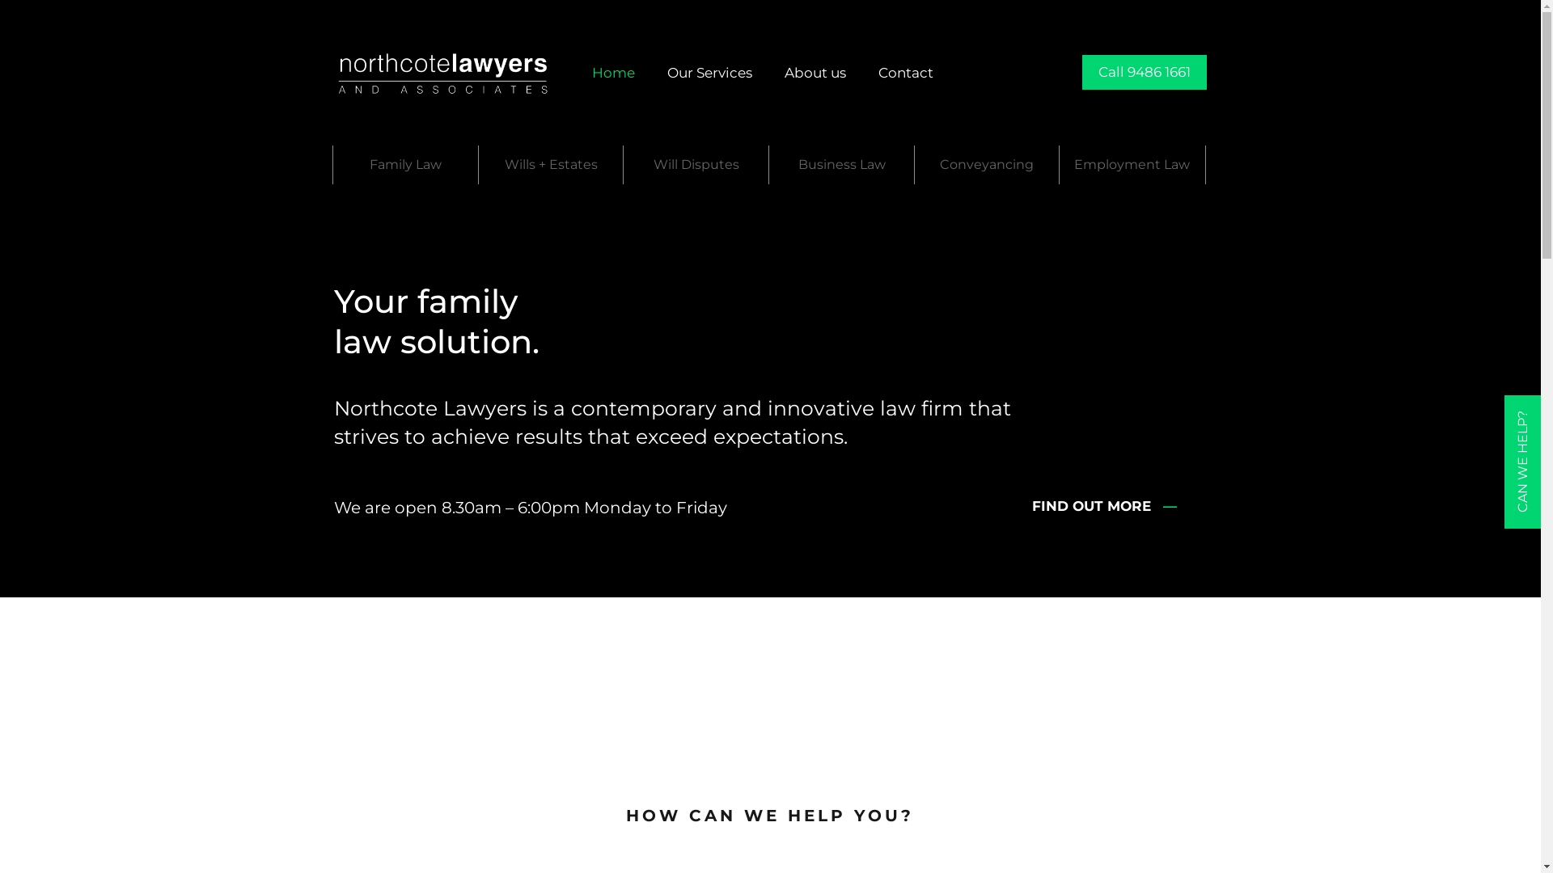  I want to click on 'Call 9486 1661', so click(1144, 71).